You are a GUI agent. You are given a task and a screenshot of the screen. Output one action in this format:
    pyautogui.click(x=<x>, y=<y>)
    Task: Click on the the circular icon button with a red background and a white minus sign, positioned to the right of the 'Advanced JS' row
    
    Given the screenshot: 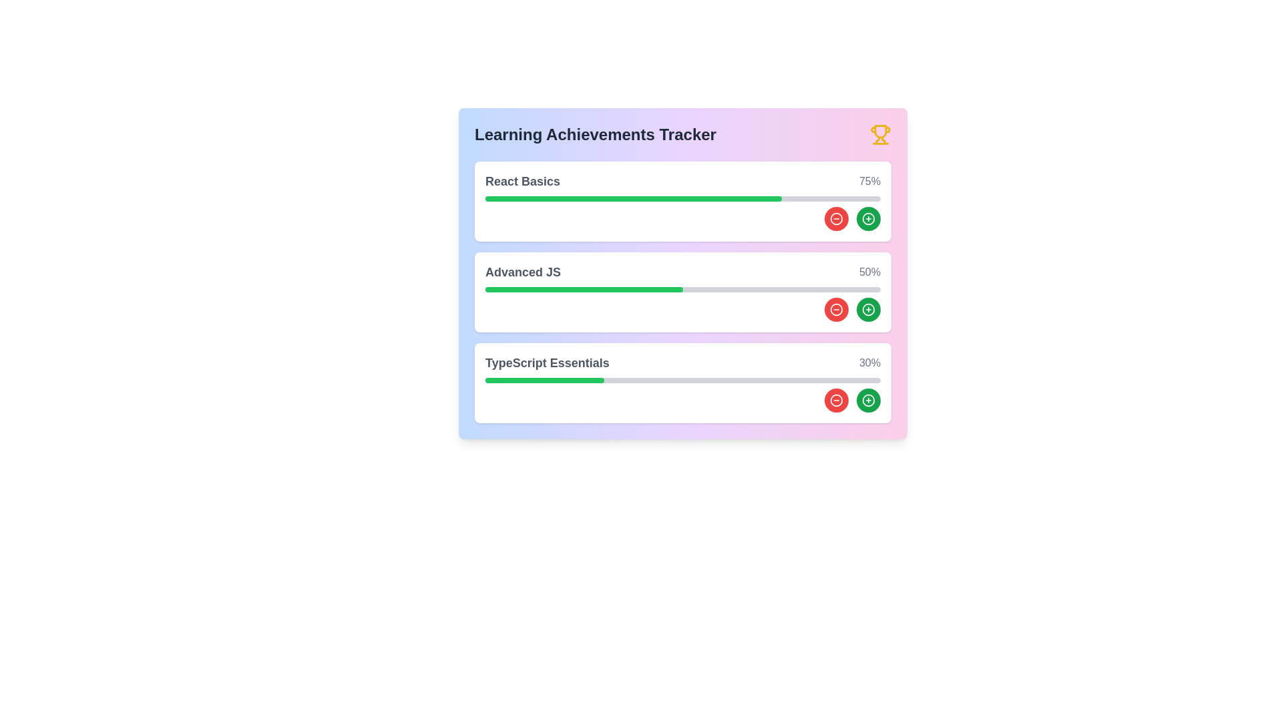 What is the action you would take?
    pyautogui.click(x=835, y=400)
    